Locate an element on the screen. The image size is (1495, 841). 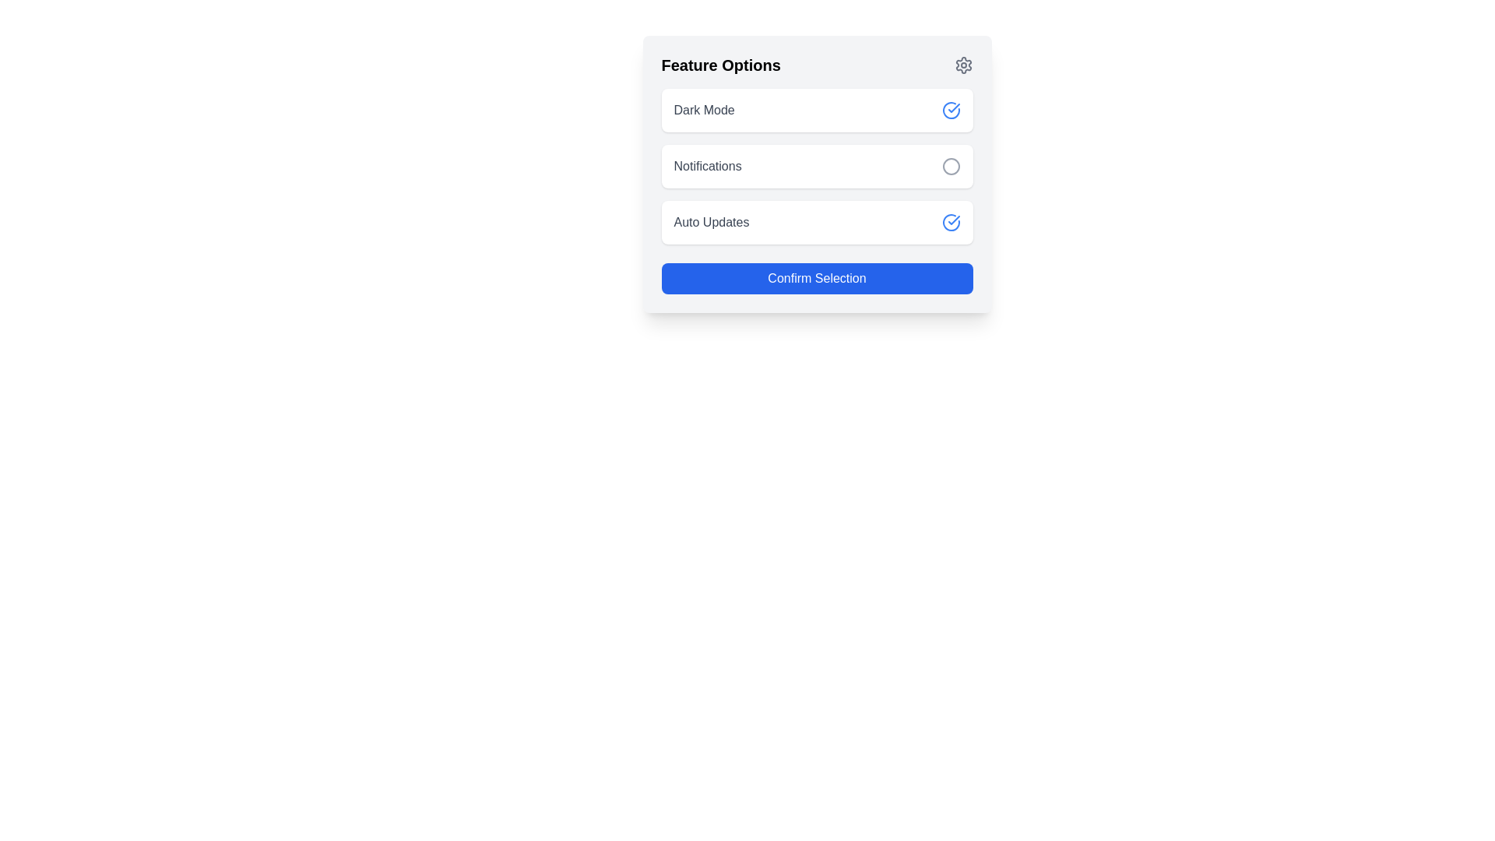
'Notifications' toggle option, which is the second item in the vertical arrangement of the 'Feature Options' section, for accessibility features is located at coordinates (816, 166).